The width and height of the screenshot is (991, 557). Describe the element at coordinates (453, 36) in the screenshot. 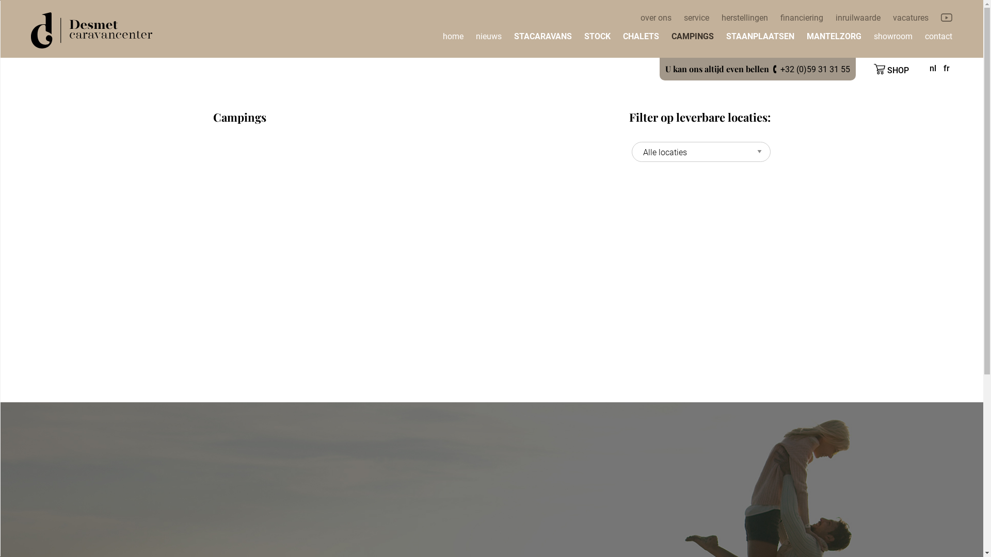

I see `'home'` at that location.